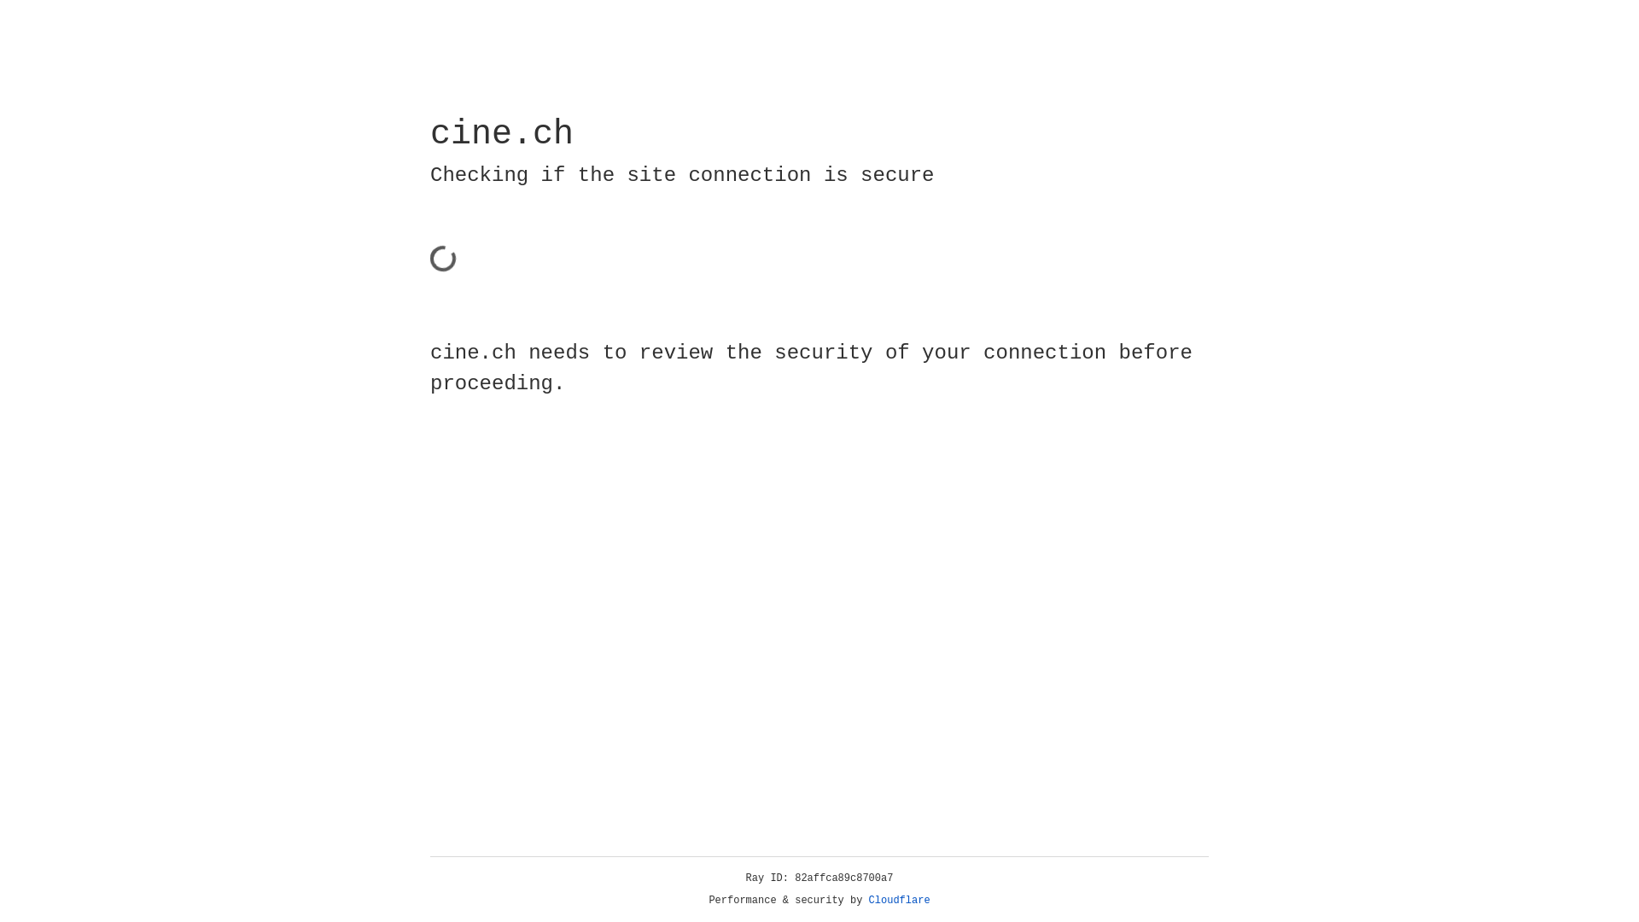  Describe the element at coordinates (868, 900) in the screenshot. I see `'Cloudflare'` at that location.